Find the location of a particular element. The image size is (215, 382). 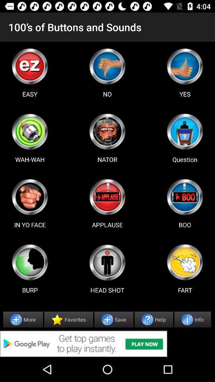

picture is located at coordinates (29, 262).